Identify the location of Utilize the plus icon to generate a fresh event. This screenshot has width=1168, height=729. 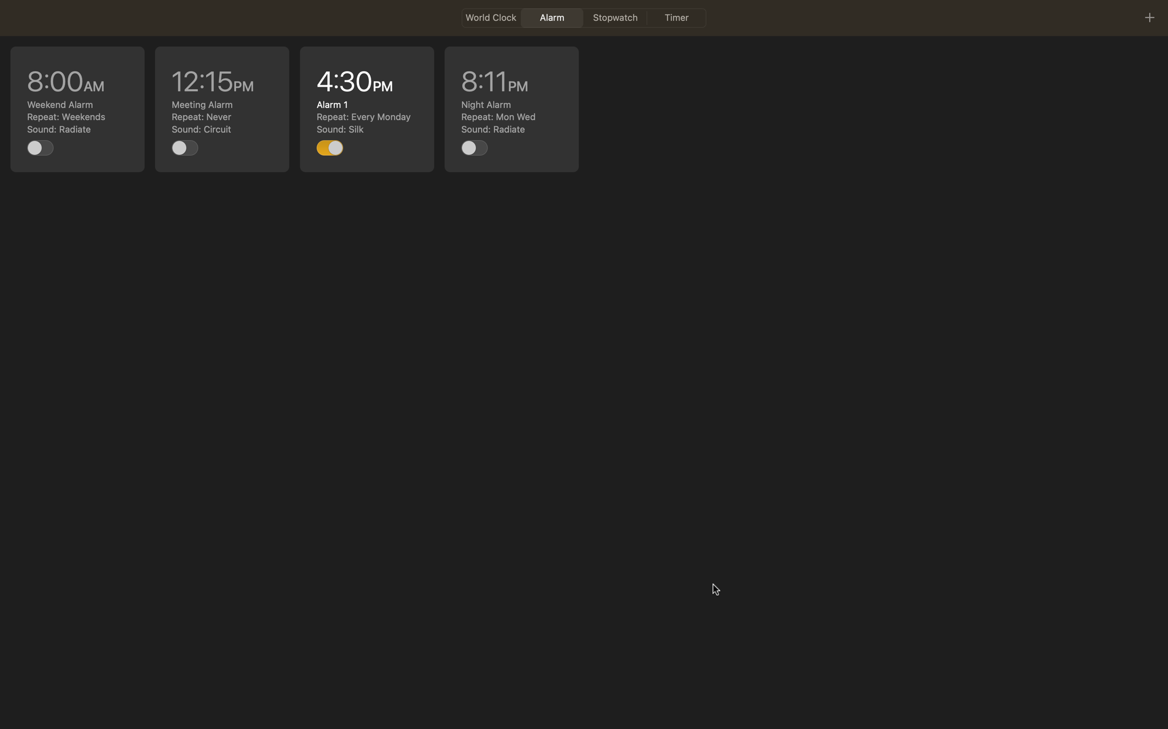
(1149, 17).